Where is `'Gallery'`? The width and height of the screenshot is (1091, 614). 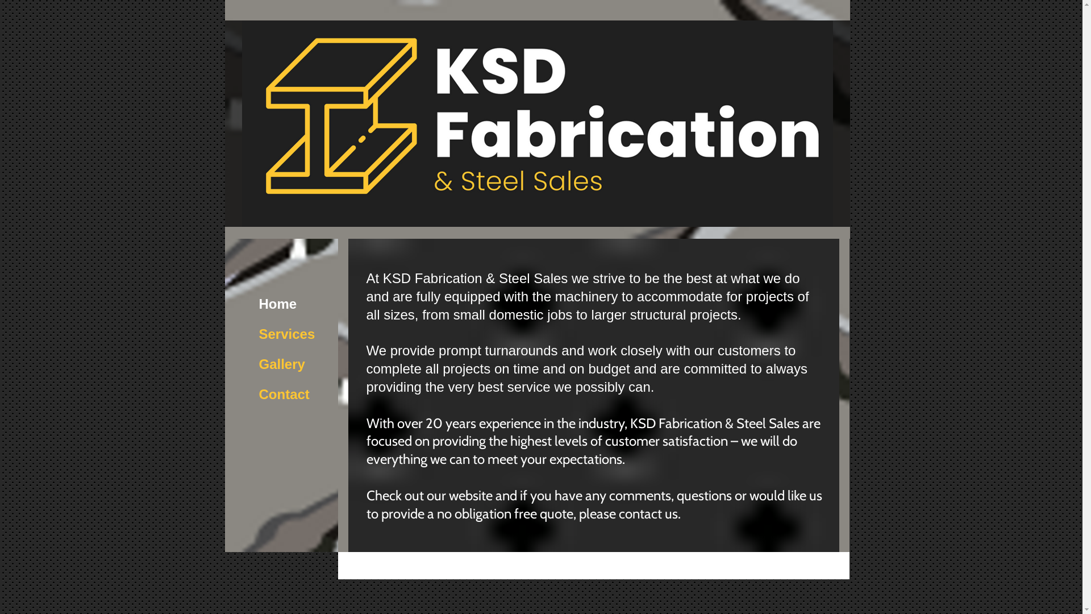
'Gallery' is located at coordinates (253, 364).